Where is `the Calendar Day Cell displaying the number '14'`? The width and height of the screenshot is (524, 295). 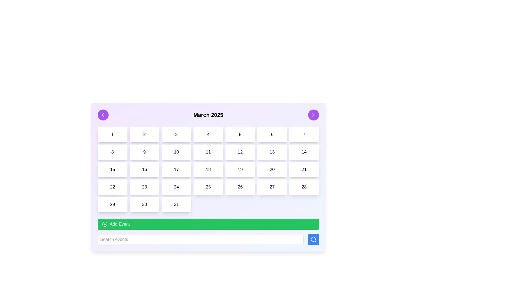
the Calendar Day Cell displaying the number '14' is located at coordinates (304, 152).